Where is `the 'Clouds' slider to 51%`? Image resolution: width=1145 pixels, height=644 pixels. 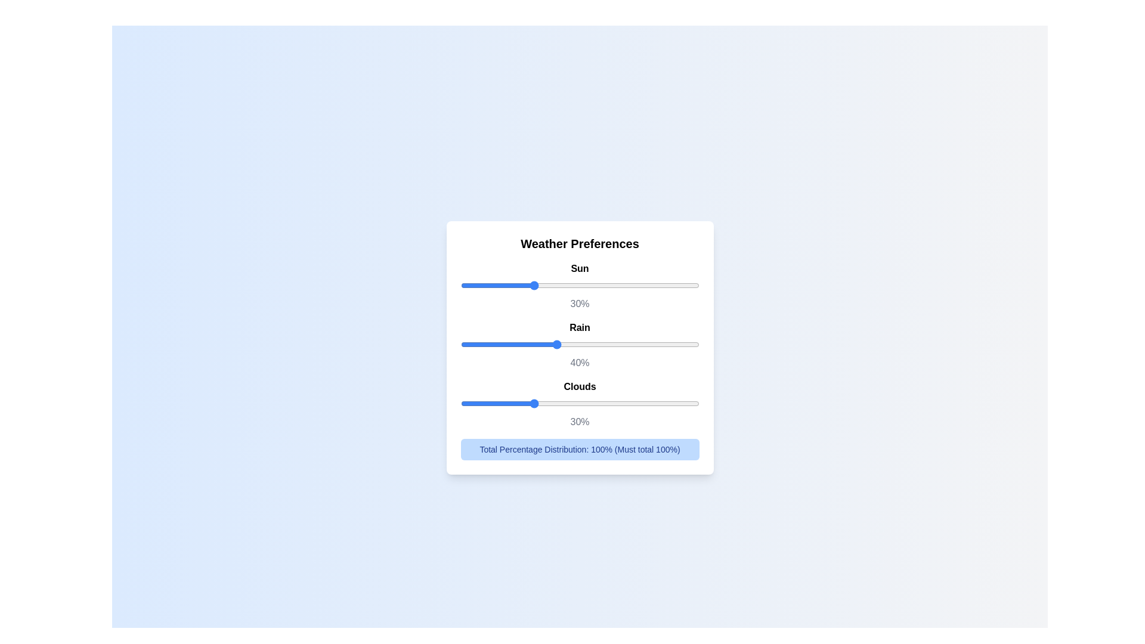
the 'Clouds' slider to 51% is located at coordinates (582, 402).